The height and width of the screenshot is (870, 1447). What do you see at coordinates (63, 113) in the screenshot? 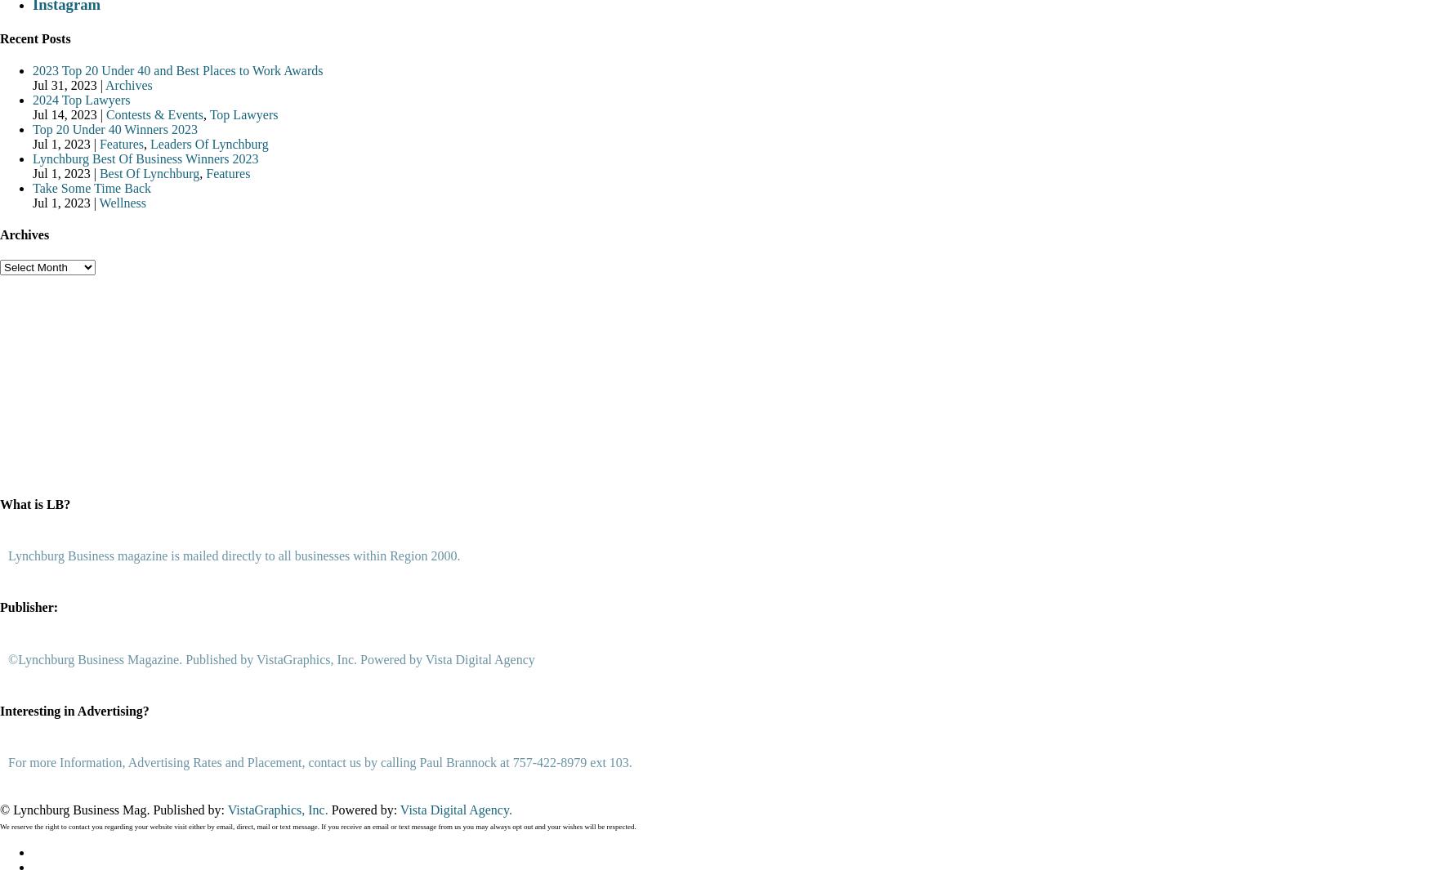
I see `'Jul 14, 2023'` at bounding box center [63, 113].